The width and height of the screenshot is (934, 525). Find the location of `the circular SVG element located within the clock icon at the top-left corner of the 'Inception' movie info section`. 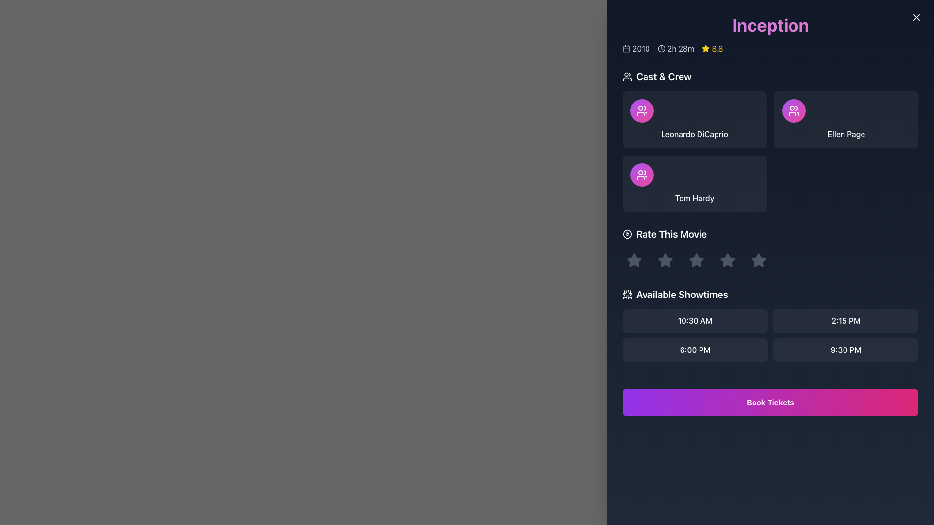

the circular SVG element located within the clock icon at the top-left corner of the 'Inception' movie info section is located at coordinates (661, 49).